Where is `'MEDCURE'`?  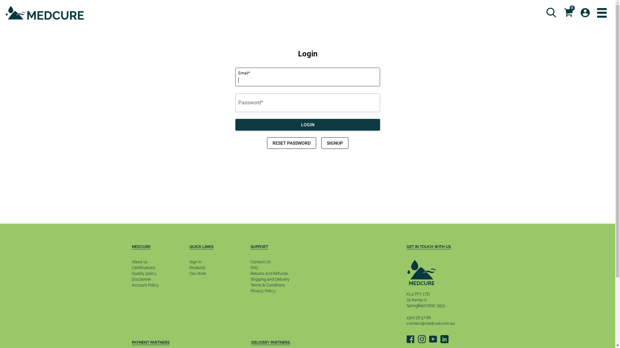
'MEDCURE' is located at coordinates (149, 247).